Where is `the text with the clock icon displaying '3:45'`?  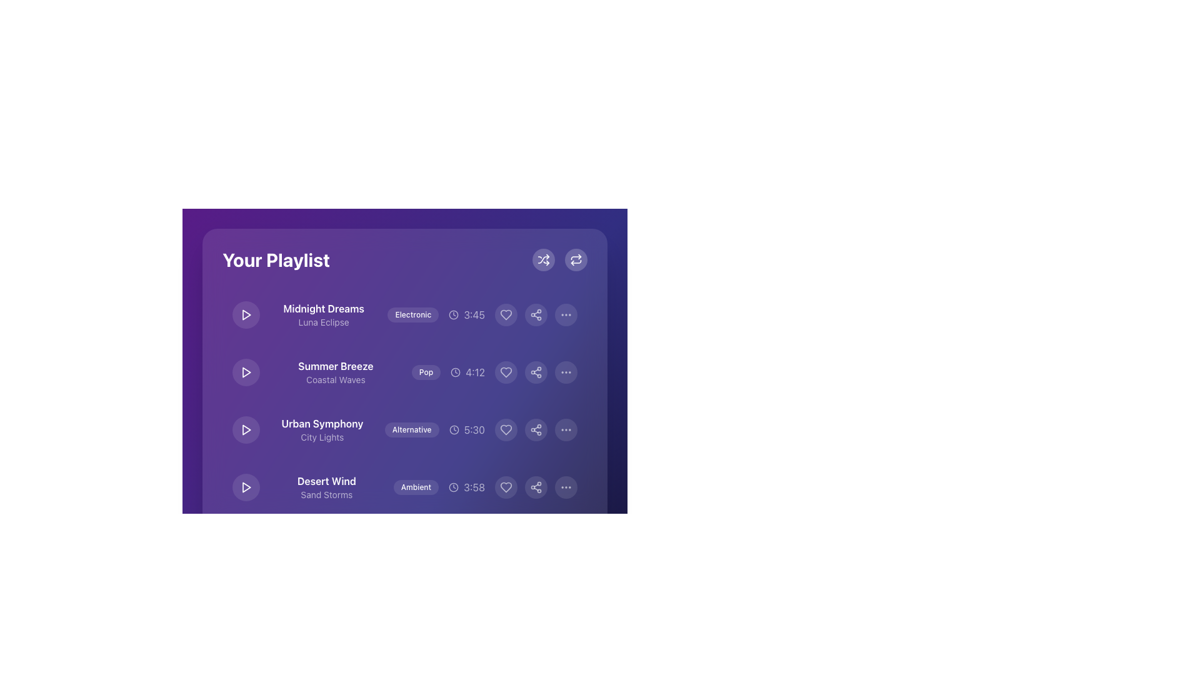 the text with the clock icon displaying '3:45' is located at coordinates (466, 314).